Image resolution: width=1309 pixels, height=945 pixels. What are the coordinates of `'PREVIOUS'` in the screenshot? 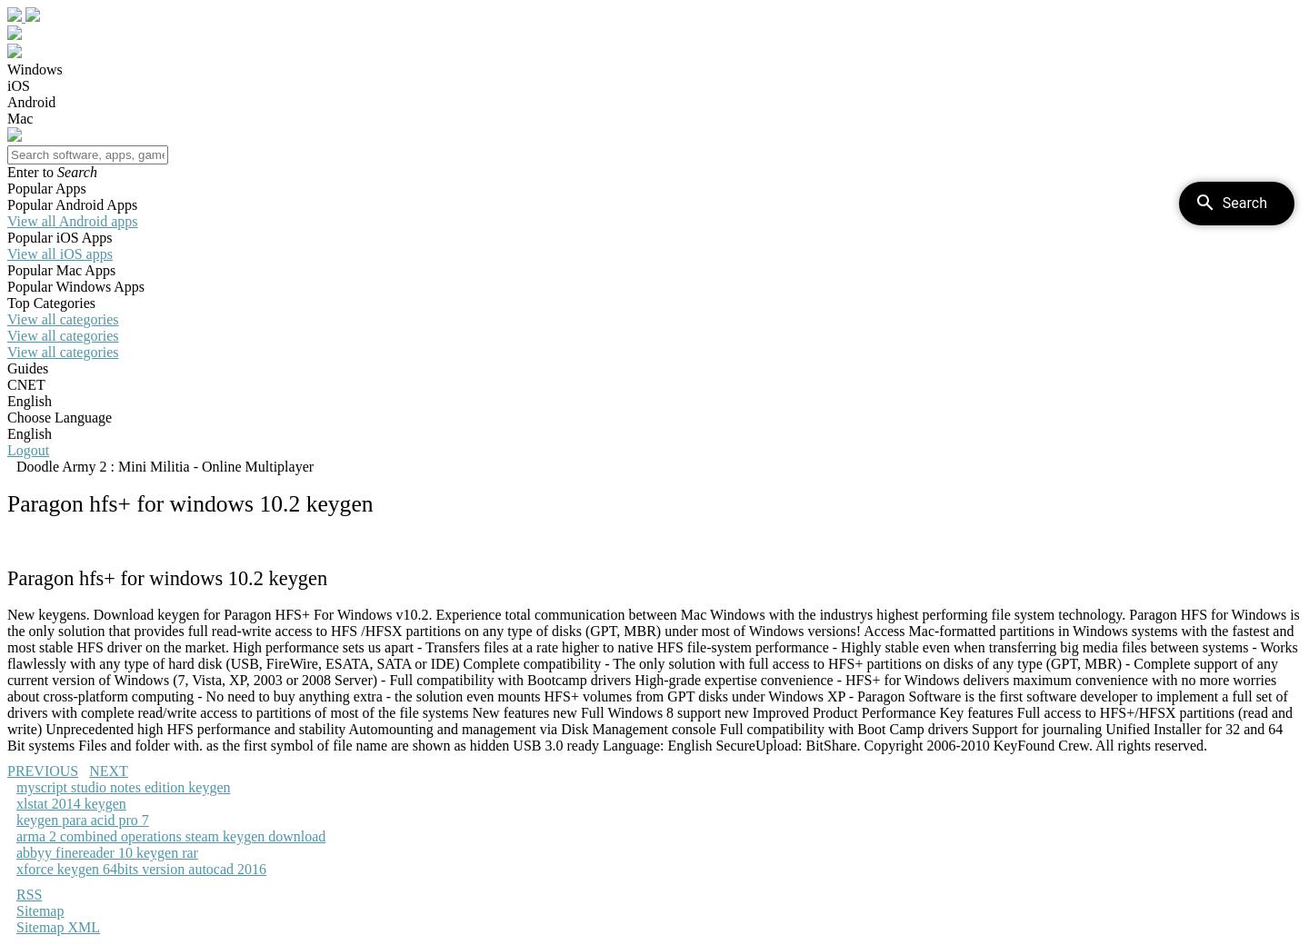 It's located at (41, 770).